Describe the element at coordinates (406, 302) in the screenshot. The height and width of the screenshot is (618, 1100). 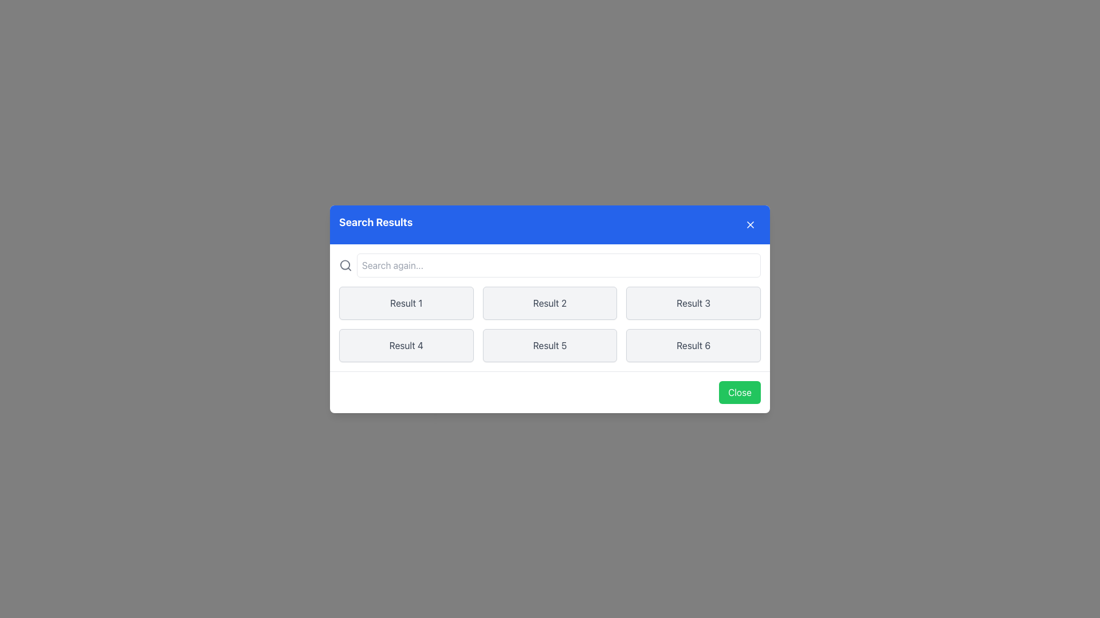
I see `the button labeled 'Result 1' that houses the Text label, which is located in the top-left quadrant of a 2x3 grid layout in a pop-up modal` at that location.